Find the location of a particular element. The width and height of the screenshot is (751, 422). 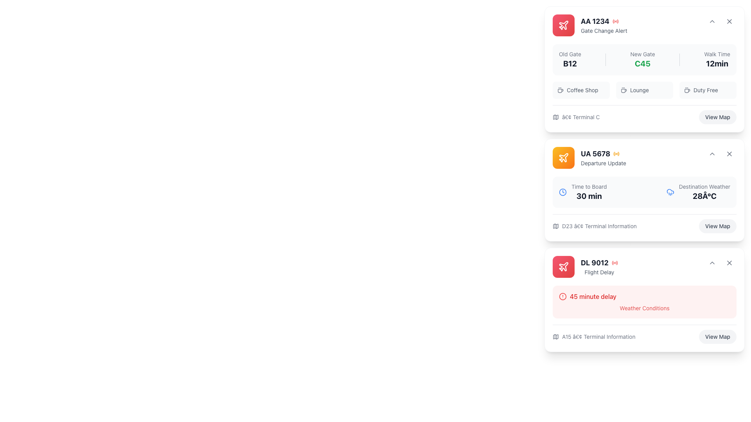

the text label that reads 'Gate Change Alert', which is styled in light gray and positioned below 'AA 1234' within the top-right card is located at coordinates (604, 30).